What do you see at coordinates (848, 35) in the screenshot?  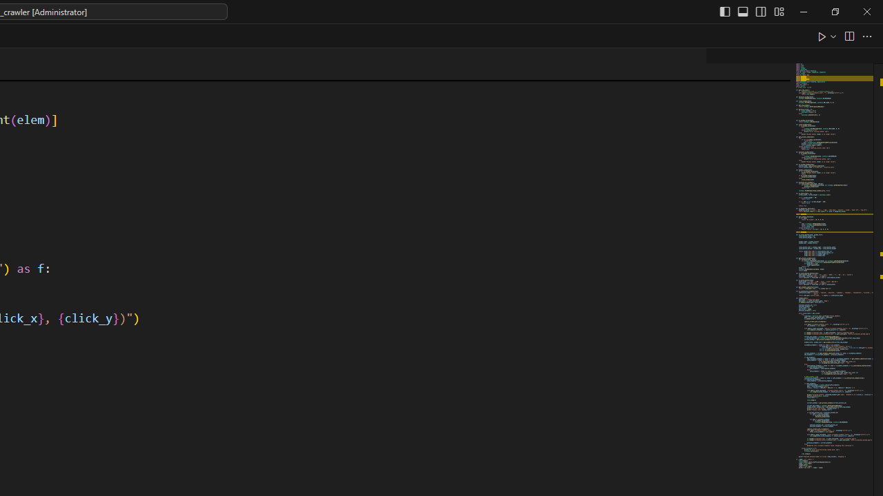 I see `'Split Editor Right (Ctrl+\) [Alt] Split Editor Down'` at bounding box center [848, 35].